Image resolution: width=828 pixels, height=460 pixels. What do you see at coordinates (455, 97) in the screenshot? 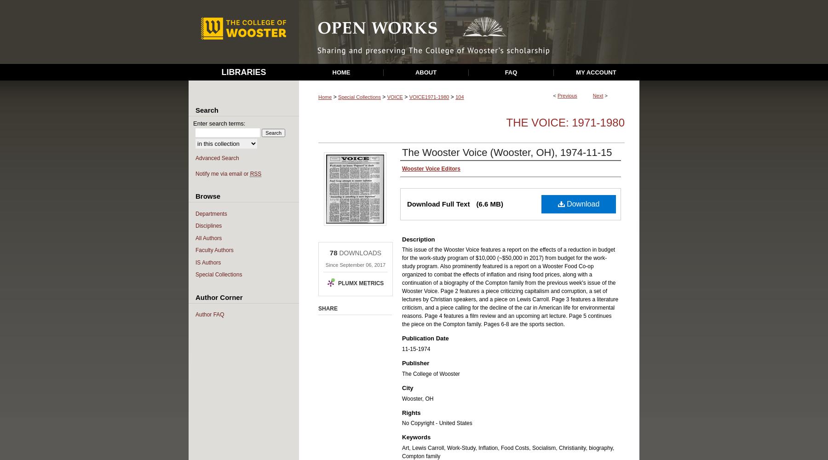
I see `'104'` at bounding box center [455, 97].